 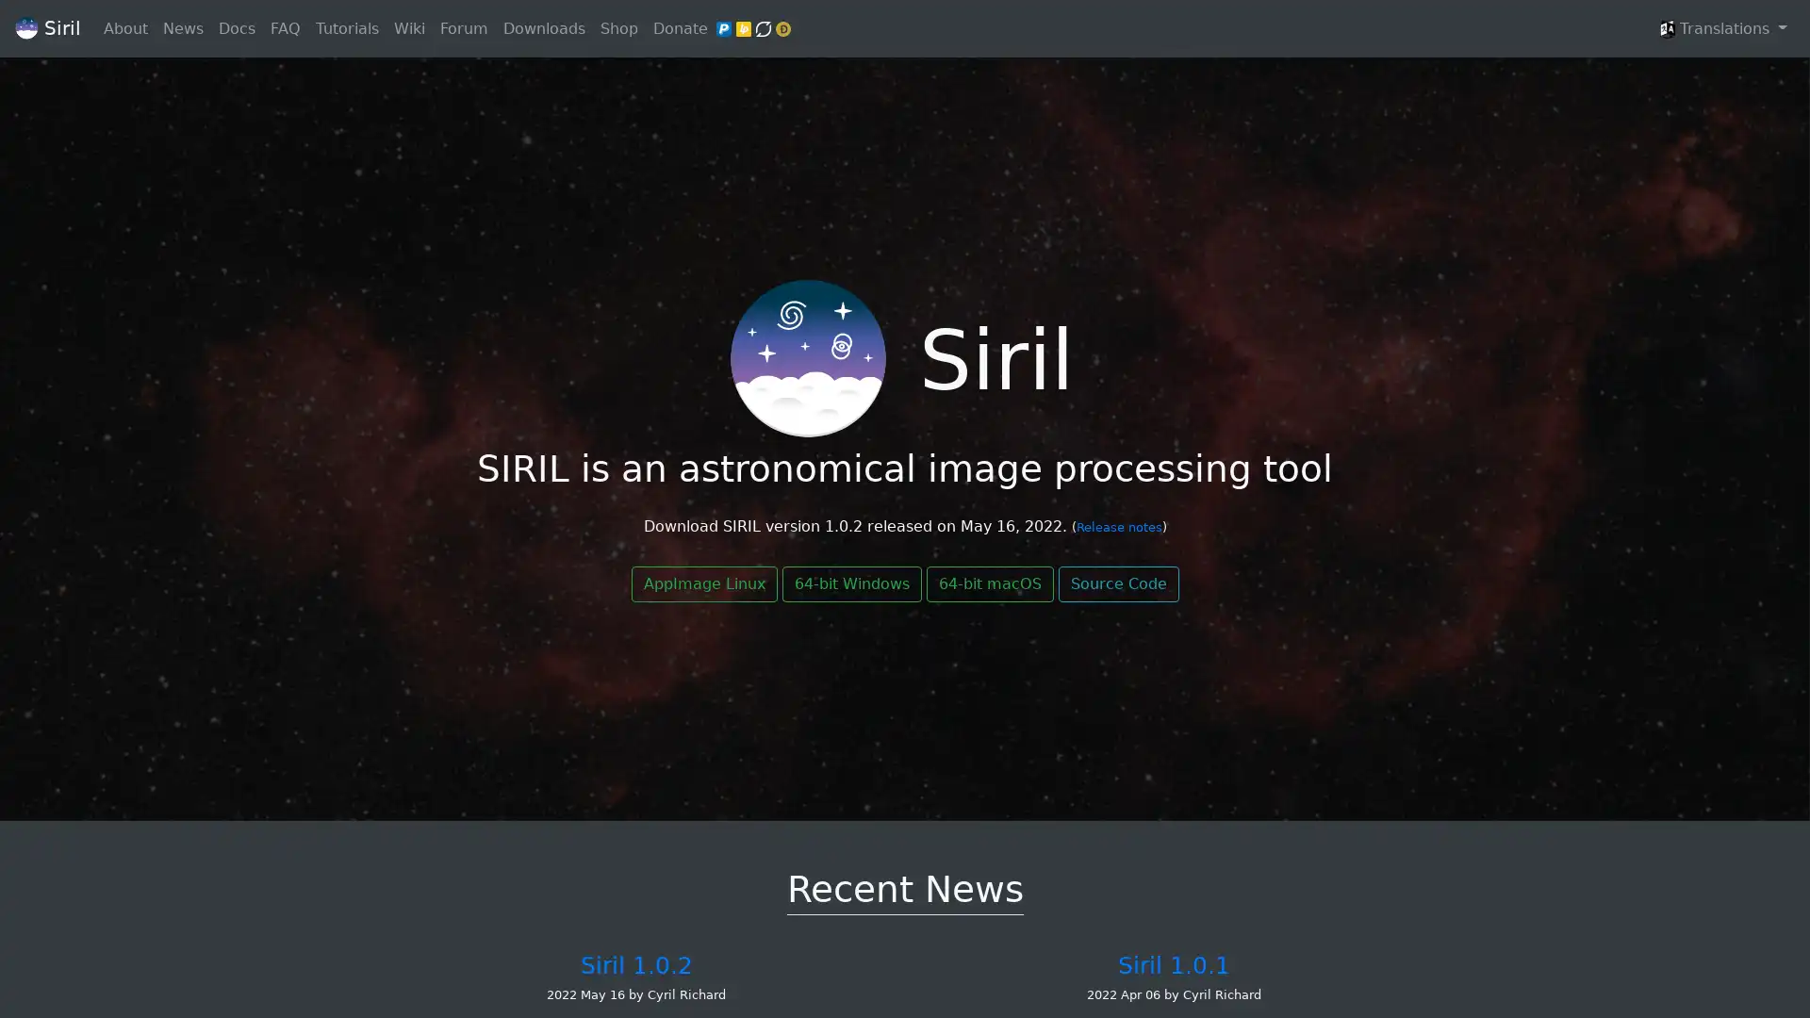 What do you see at coordinates (702, 583) in the screenshot?
I see `AppImage Linux` at bounding box center [702, 583].